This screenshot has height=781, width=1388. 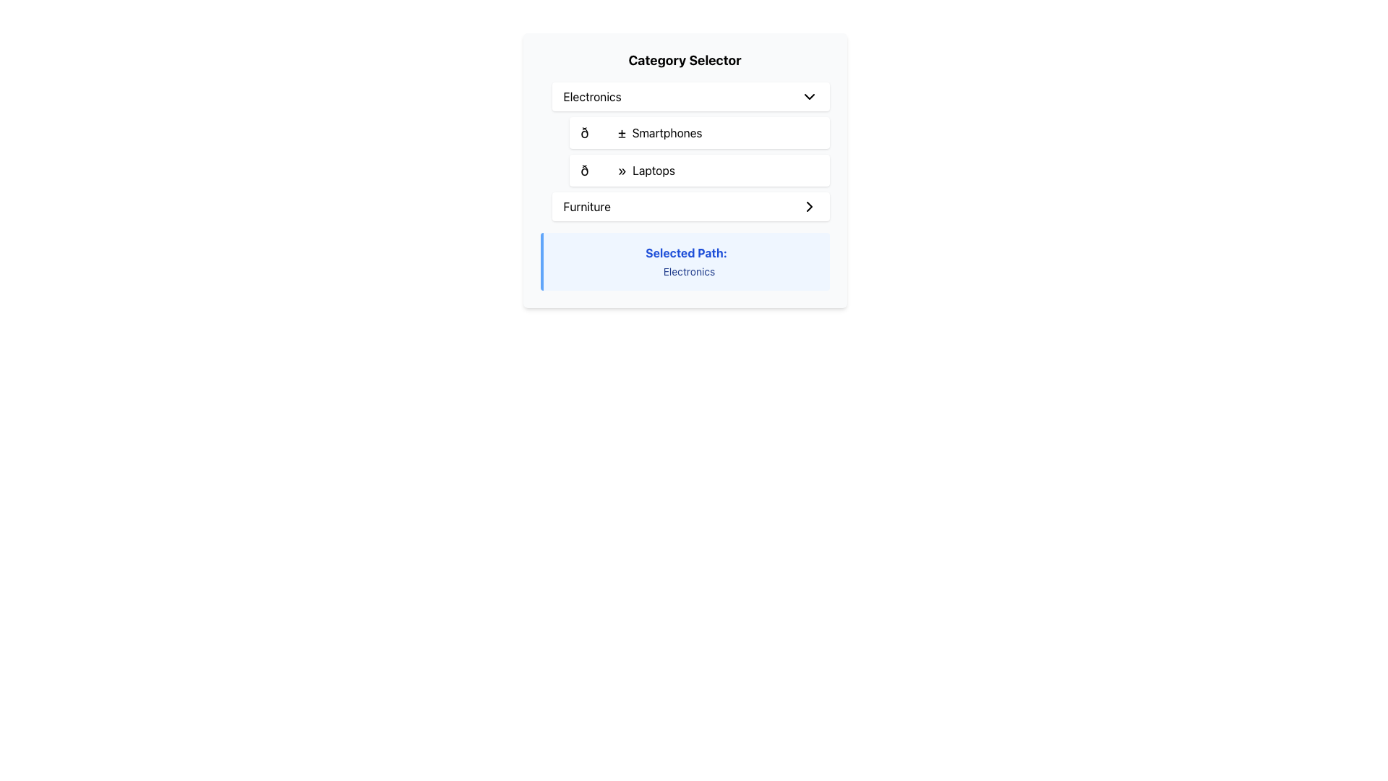 I want to click on the expandable content indicator icon located inside the 'Electronics' button in the dropdown menu, so click(x=808, y=97).